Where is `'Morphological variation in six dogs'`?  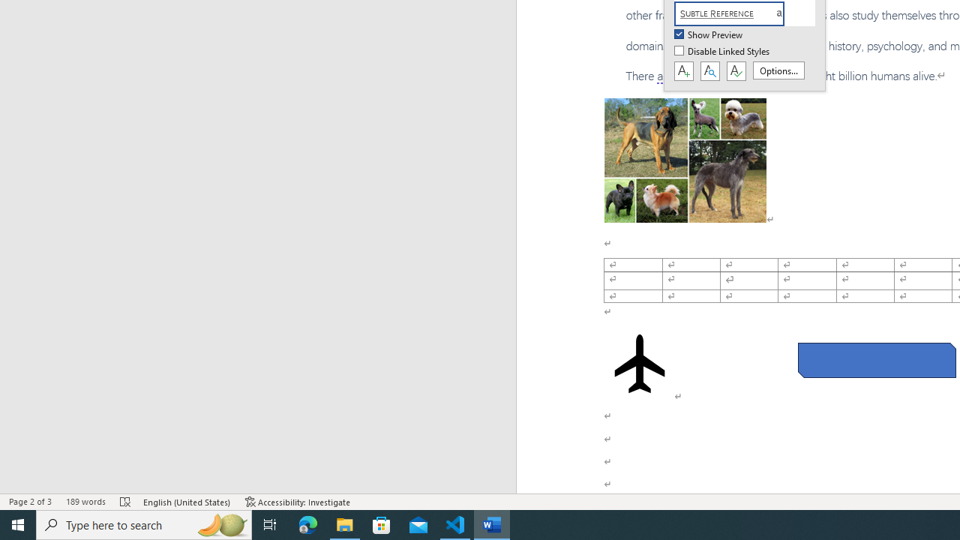
'Morphological variation in six dogs' is located at coordinates (684, 160).